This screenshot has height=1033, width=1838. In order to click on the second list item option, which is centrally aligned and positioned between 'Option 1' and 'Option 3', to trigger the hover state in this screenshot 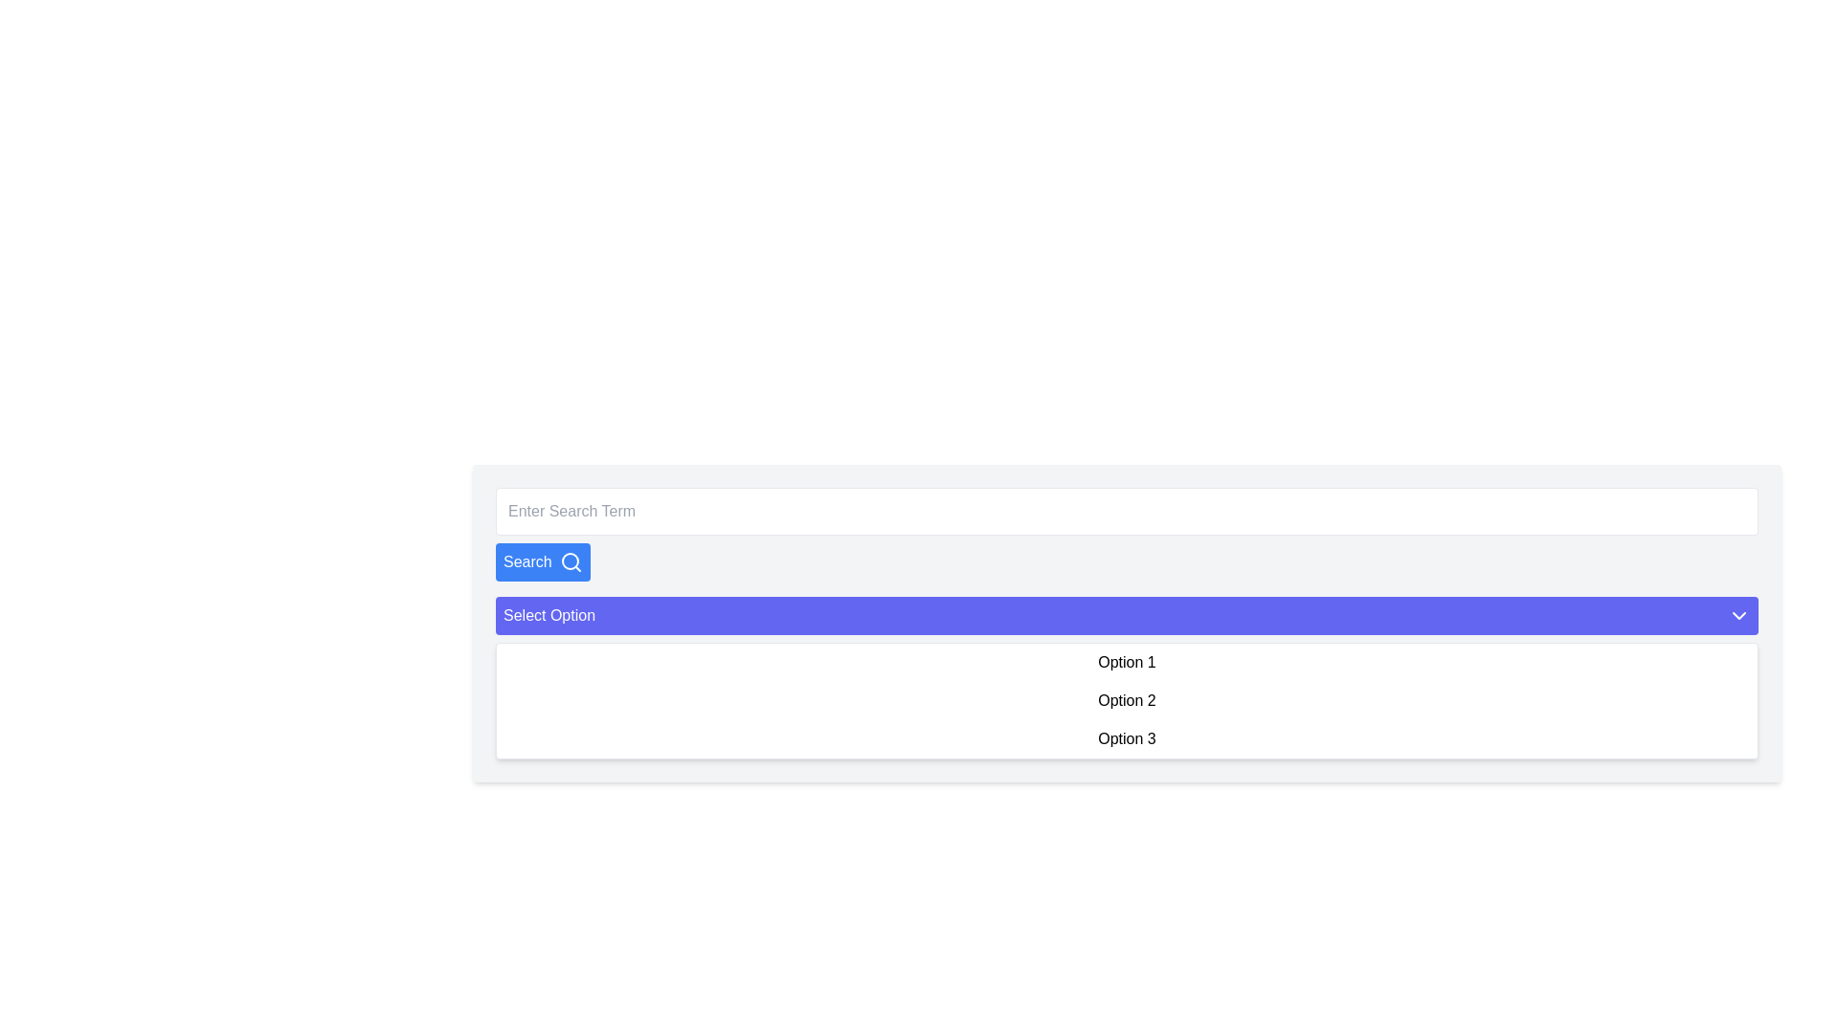, I will do `click(1127, 700)`.